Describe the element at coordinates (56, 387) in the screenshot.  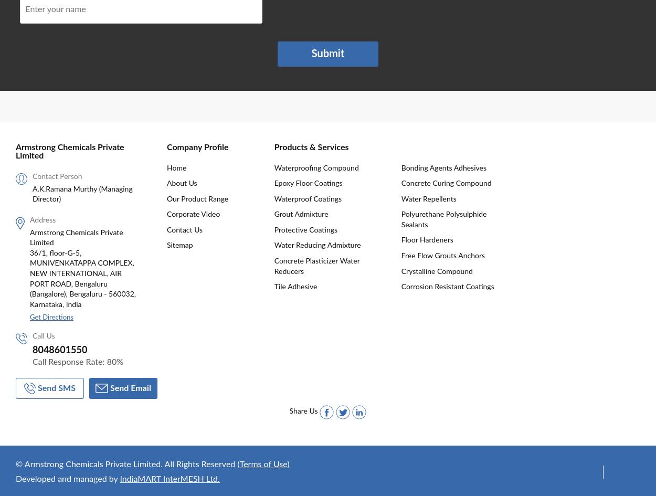
I see `'Send SMS'` at that location.